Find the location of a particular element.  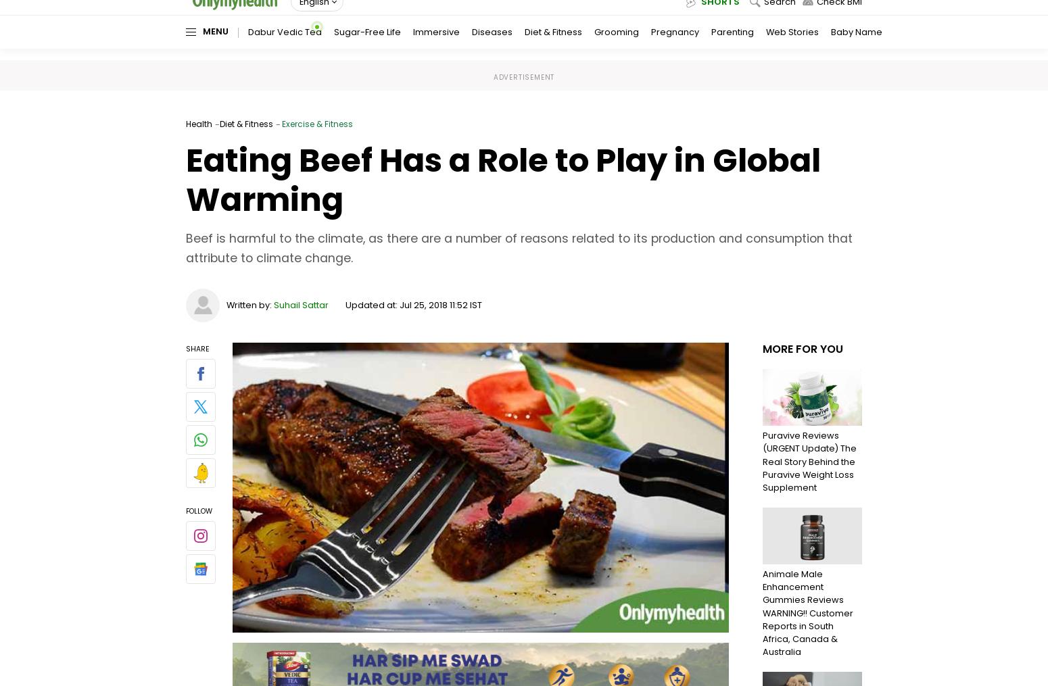

'FOLLOW' is located at coordinates (199, 510).